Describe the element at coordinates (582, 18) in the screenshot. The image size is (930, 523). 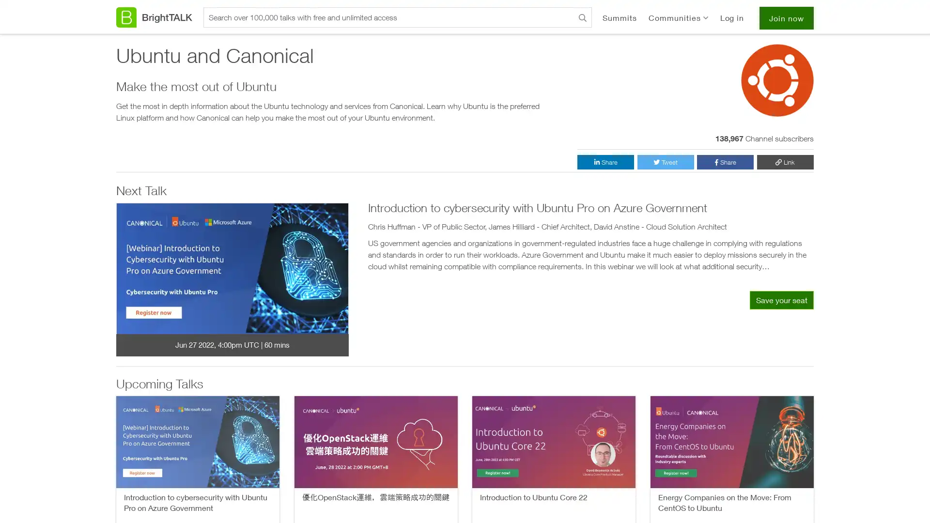
I see `Search BrightTALK` at that location.